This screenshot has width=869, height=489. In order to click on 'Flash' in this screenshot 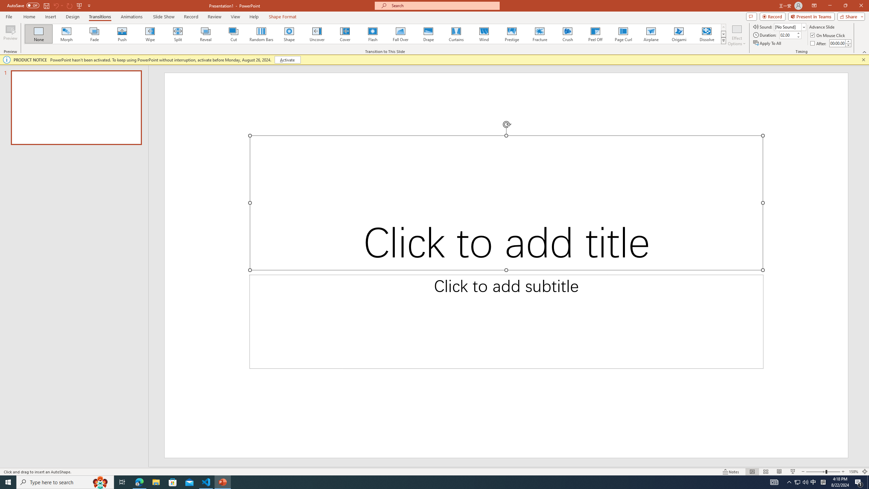, I will do `click(372, 34)`.